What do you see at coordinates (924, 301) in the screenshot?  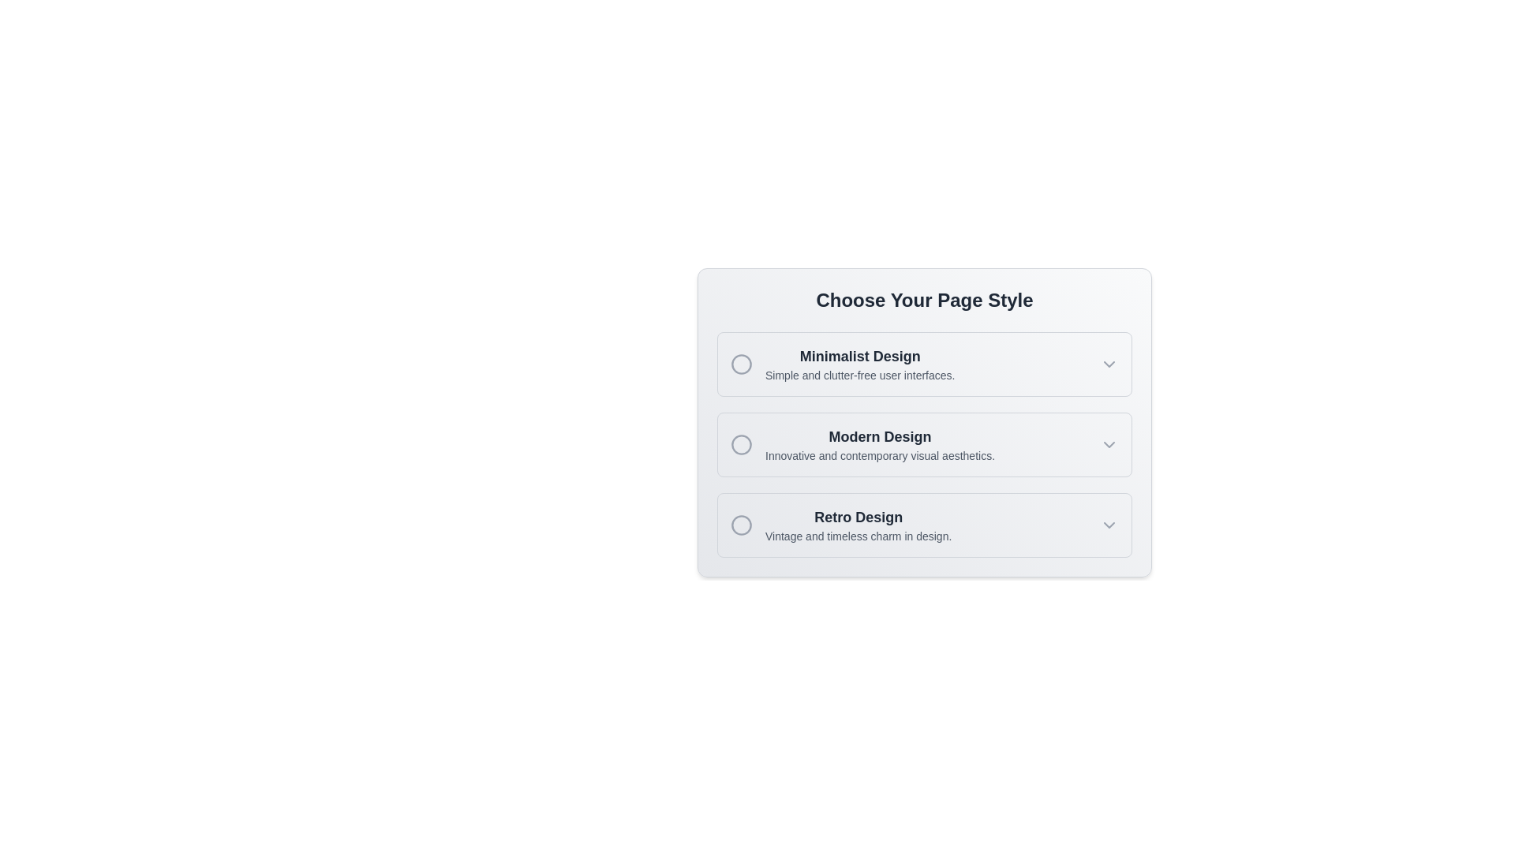 I see `the Text Header element that introduces the purpose of the options listed below, which is positioned at the top center of the card-like layout` at bounding box center [924, 301].